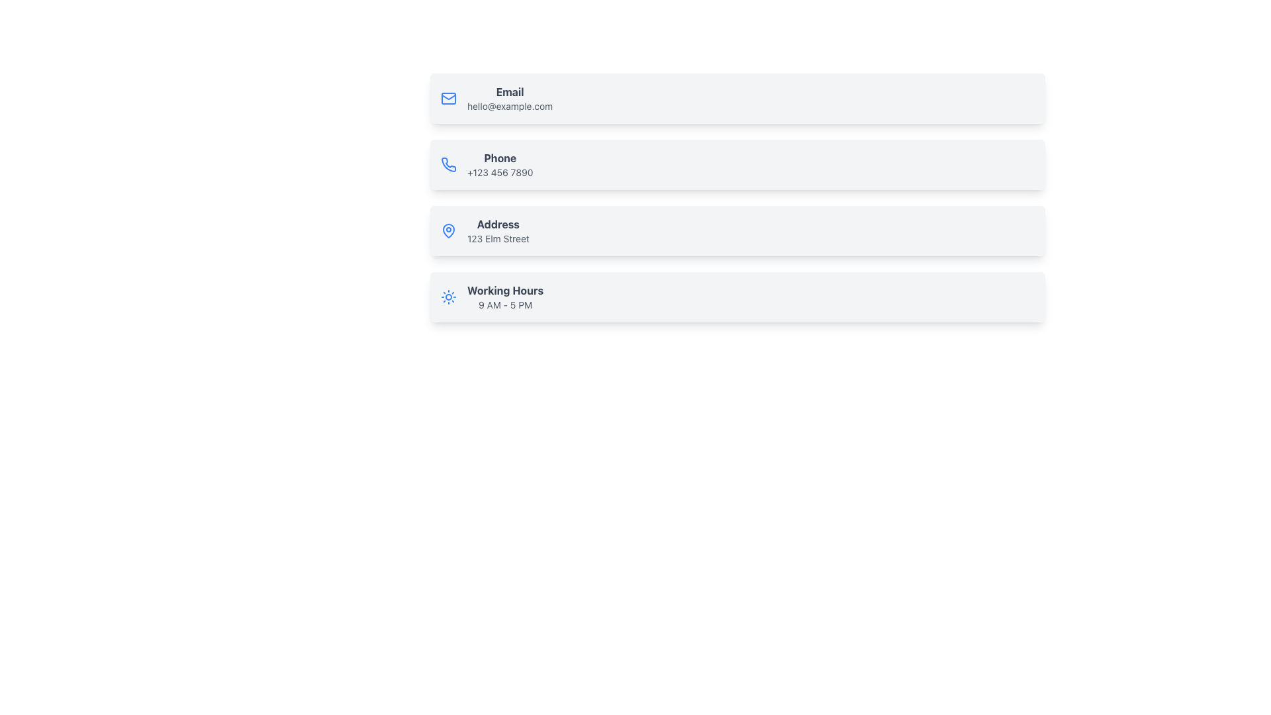 Image resolution: width=1271 pixels, height=715 pixels. Describe the element at coordinates (509, 98) in the screenshot. I see `displayed content of the static text block labeled 'Email' which shows the email address 'hello@example.com' in a light gray font, located within a light gray rounded rectangle` at that location.